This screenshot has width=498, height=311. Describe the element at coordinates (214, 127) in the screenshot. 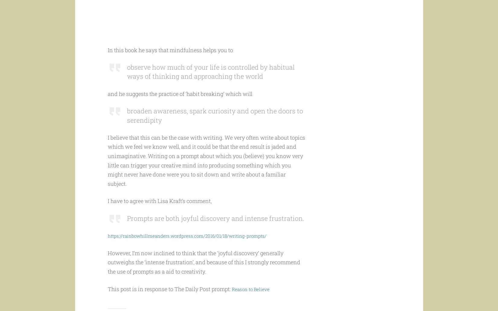

I see `'broaden awareness, spark curiosity and open the doors to serendipity'` at that location.